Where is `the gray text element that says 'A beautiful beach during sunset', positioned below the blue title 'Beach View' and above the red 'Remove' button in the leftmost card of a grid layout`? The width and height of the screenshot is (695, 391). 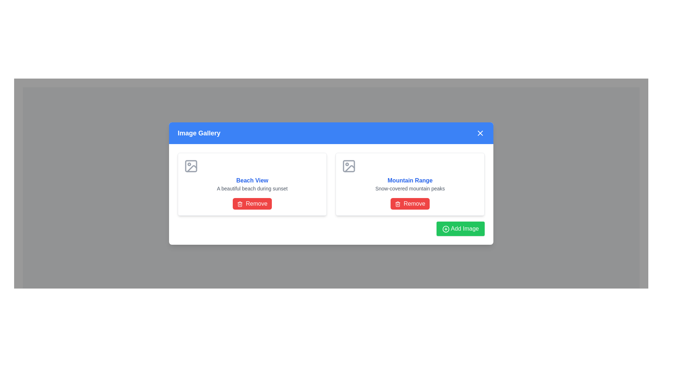
the gray text element that says 'A beautiful beach during sunset', positioned below the blue title 'Beach View' and above the red 'Remove' button in the leftmost card of a grid layout is located at coordinates (252, 188).